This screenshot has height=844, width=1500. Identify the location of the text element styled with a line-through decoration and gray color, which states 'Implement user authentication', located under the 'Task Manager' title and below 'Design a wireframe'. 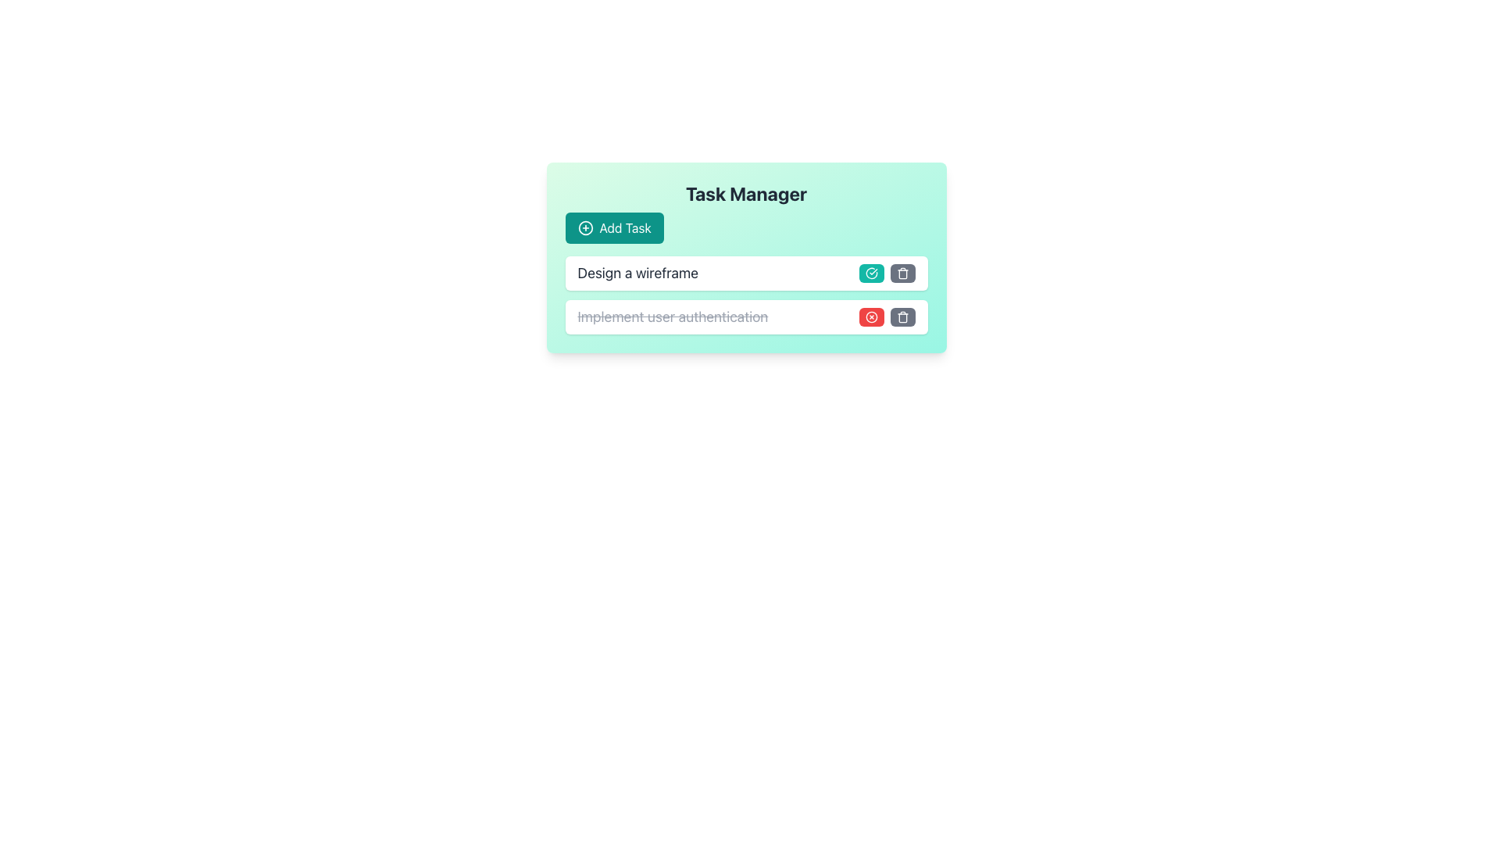
(673, 316).